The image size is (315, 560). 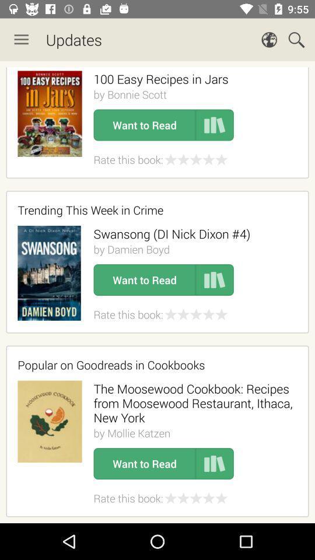 I want to click on book to library, so click(x=214, y=280).